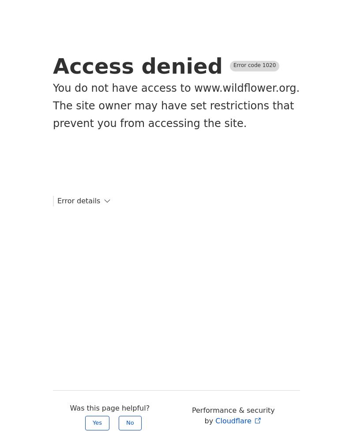  What do you see at coordinates (78, 200) in the screenshot?
I see `'Error details'` at bounding box center [78, 200].